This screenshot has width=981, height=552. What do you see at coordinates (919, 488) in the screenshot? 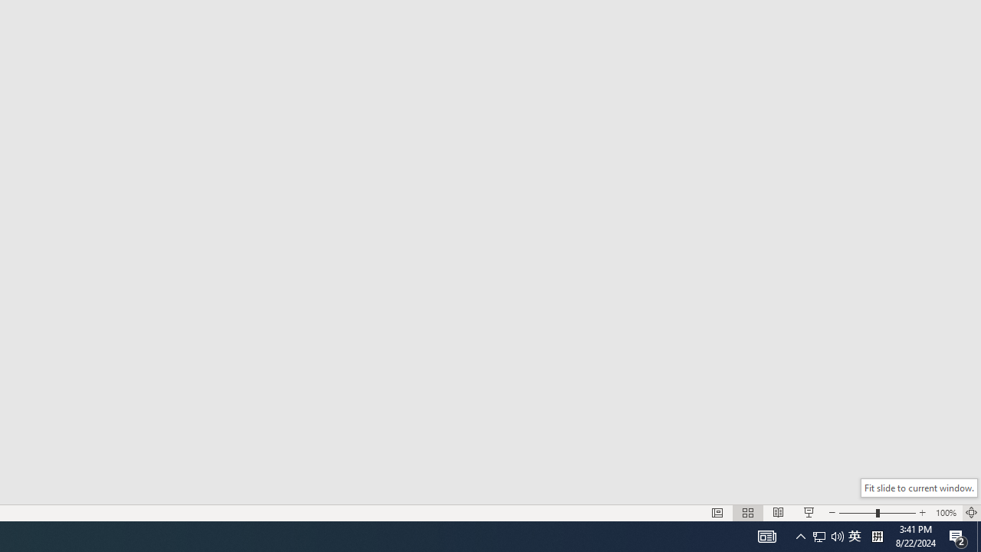
I see `'Fit slide to current window.'` at bounding box center [919, 488].